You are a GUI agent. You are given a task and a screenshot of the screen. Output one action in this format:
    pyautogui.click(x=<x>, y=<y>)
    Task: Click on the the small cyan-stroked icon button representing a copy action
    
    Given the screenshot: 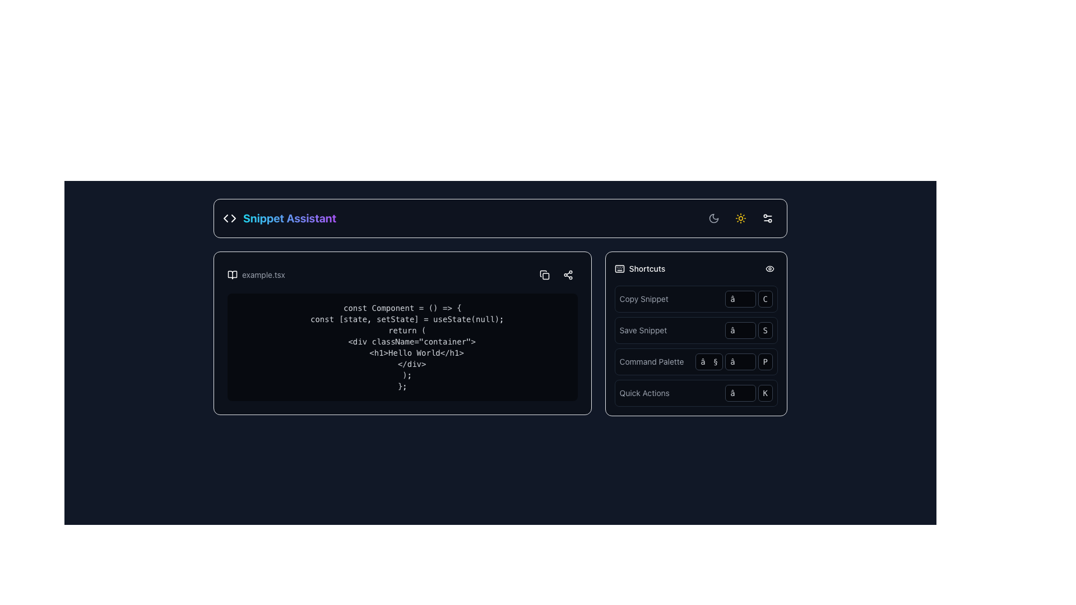 What is the action you would take?
    pyautogui.click(x=544, y=274)
    